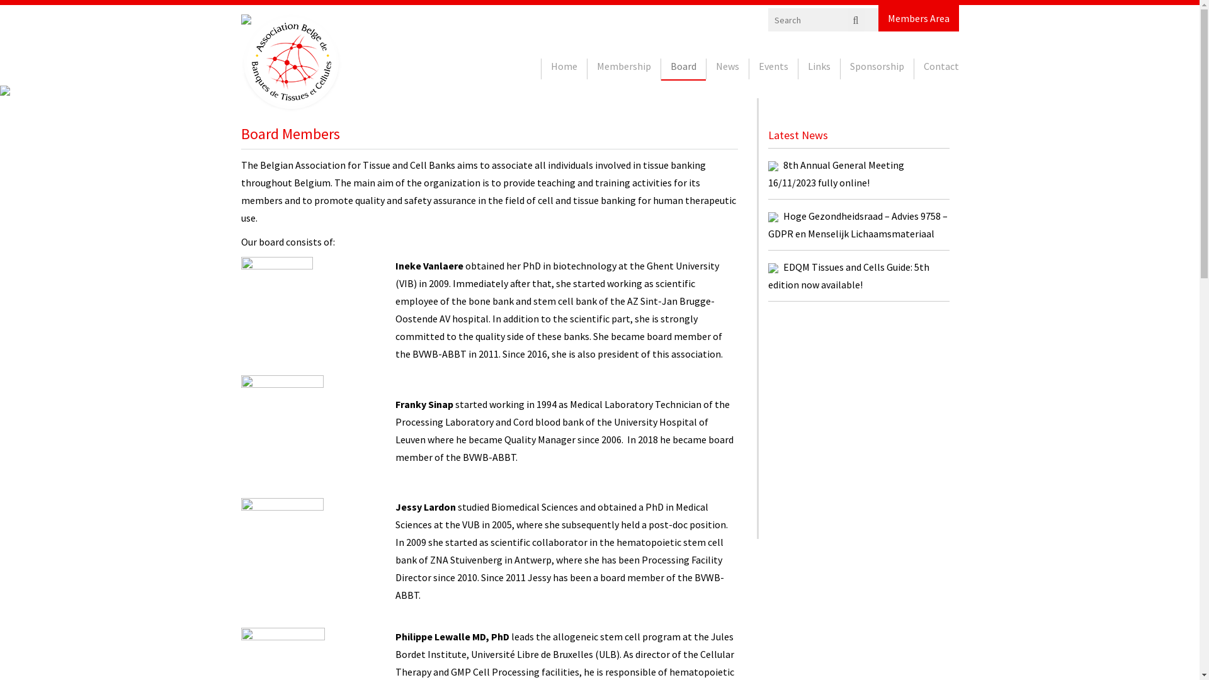 The image size is (1209, 680). What do you see at coordinates (914, 69) in the screenshot?
I see `'Contact'` at bounding box center [914, 69].